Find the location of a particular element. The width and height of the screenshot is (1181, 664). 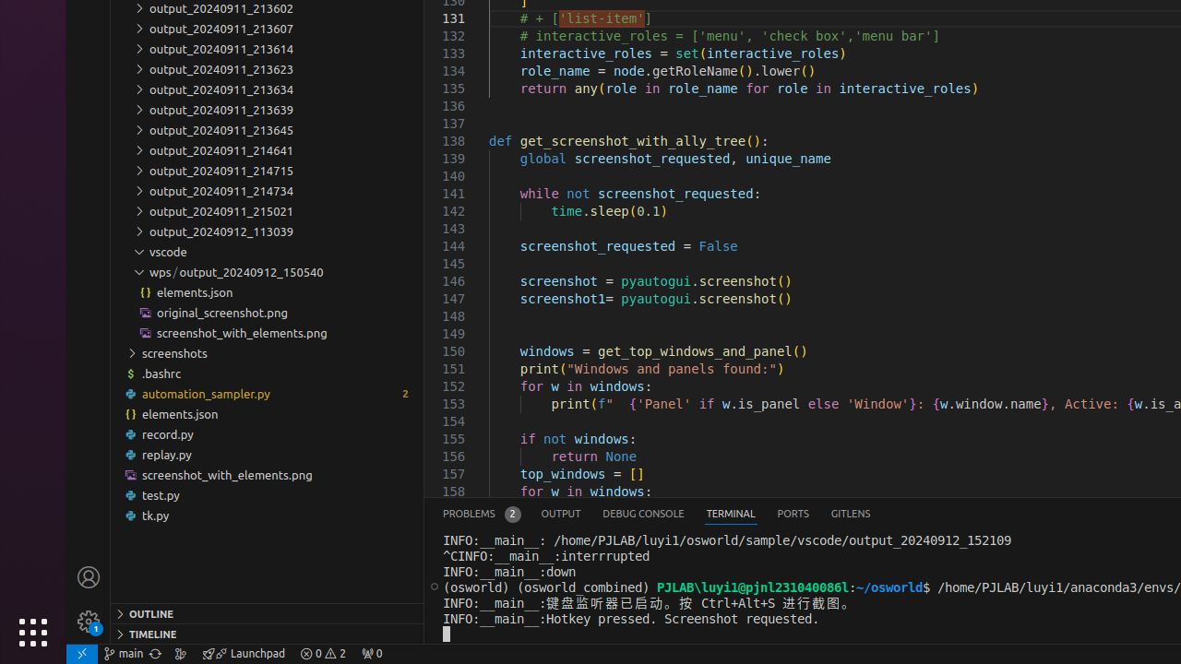

'output_20240911_213639' is located at coordinates (266, 110).